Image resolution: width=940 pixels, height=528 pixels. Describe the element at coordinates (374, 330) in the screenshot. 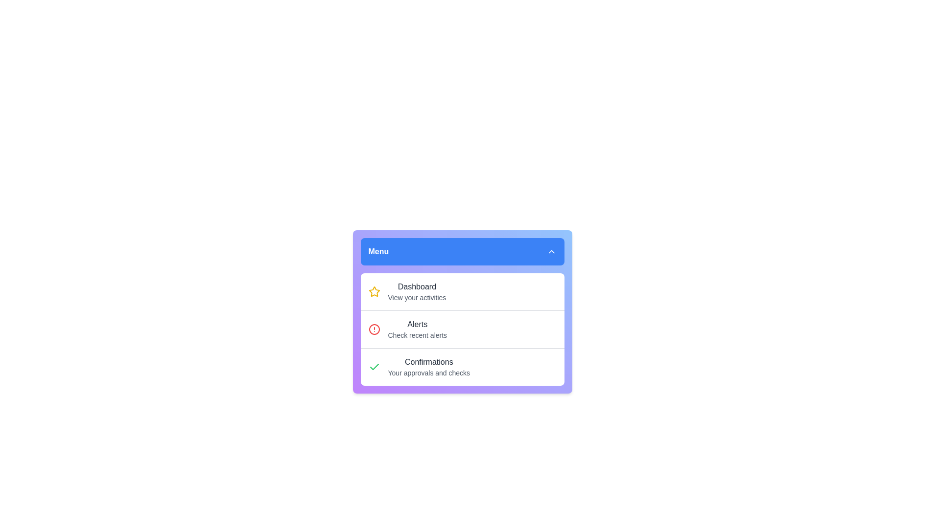

I see `the small red circular shape that indicates notifications within the 'Alerts' section of the menu interface` at that location.